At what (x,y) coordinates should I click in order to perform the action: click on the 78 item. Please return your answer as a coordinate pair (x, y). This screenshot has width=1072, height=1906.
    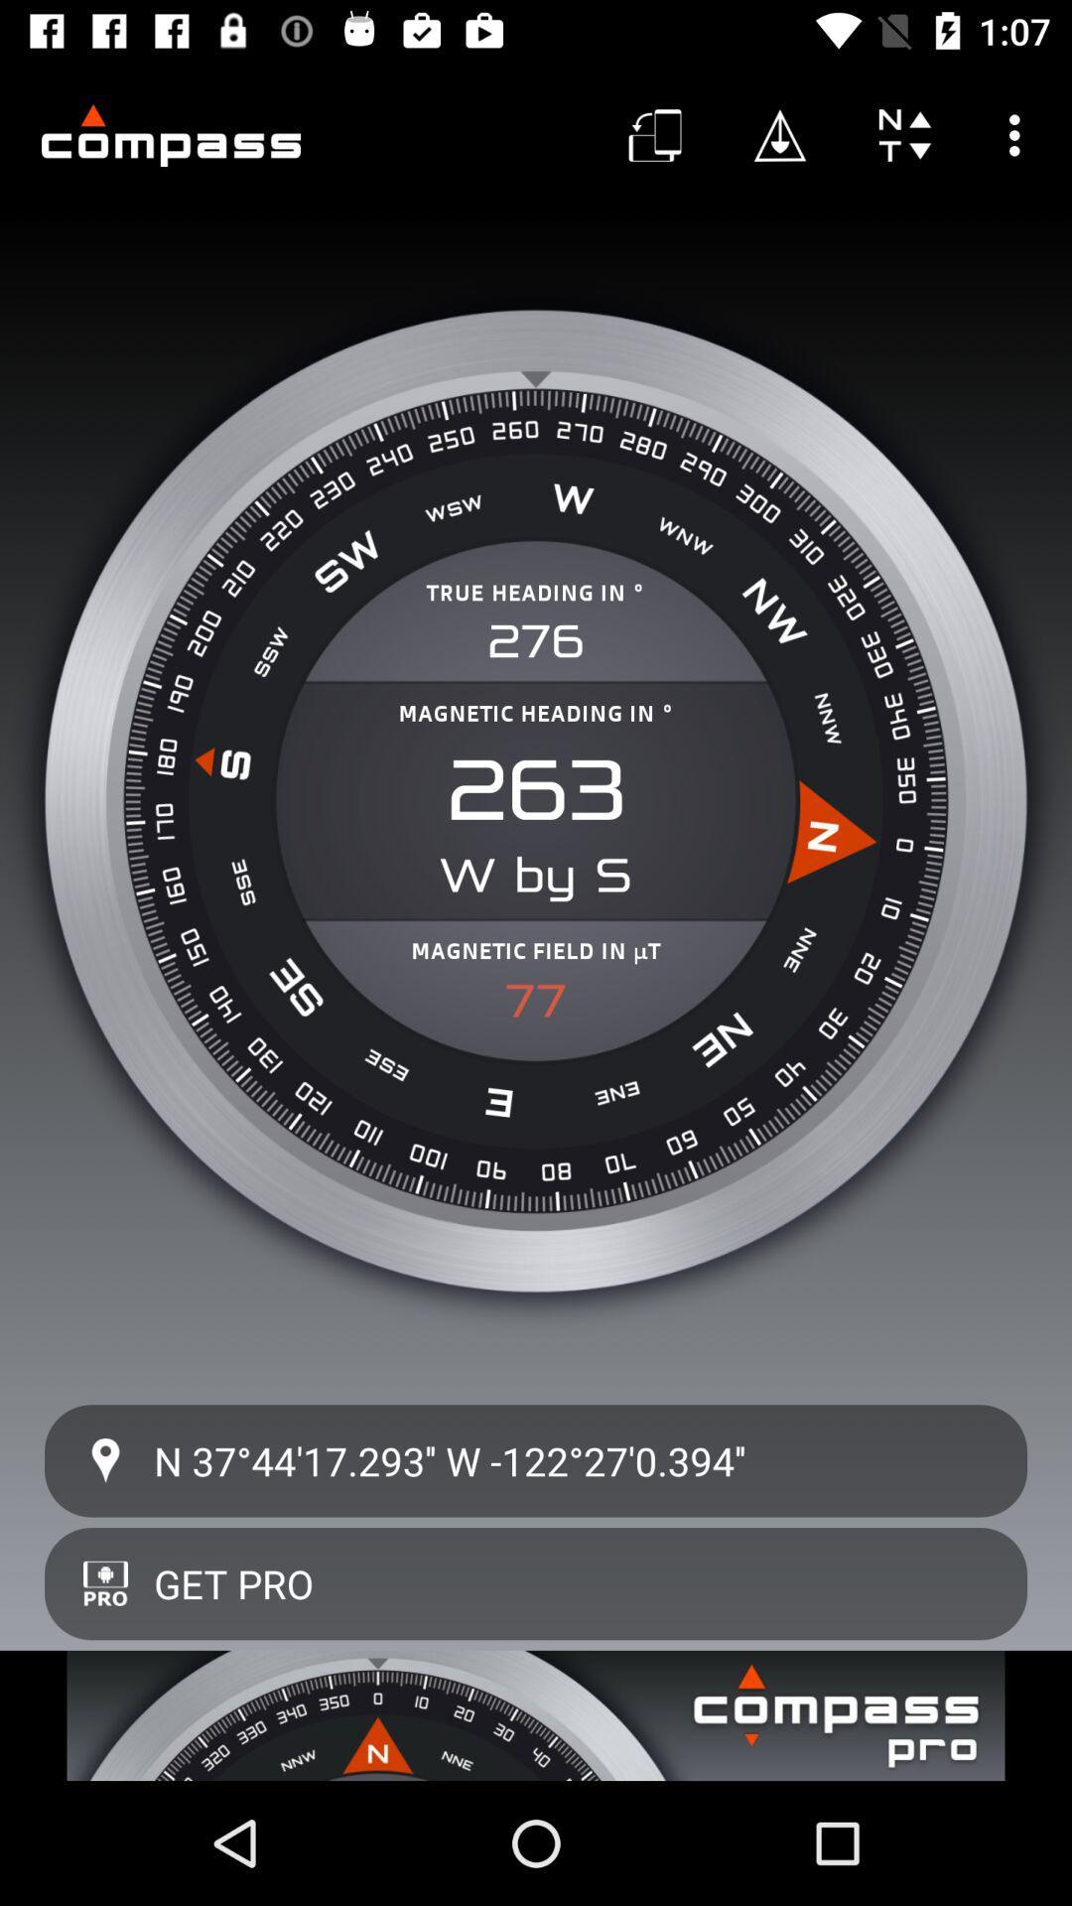
    Looking at the image, I should click on (536, 1001).